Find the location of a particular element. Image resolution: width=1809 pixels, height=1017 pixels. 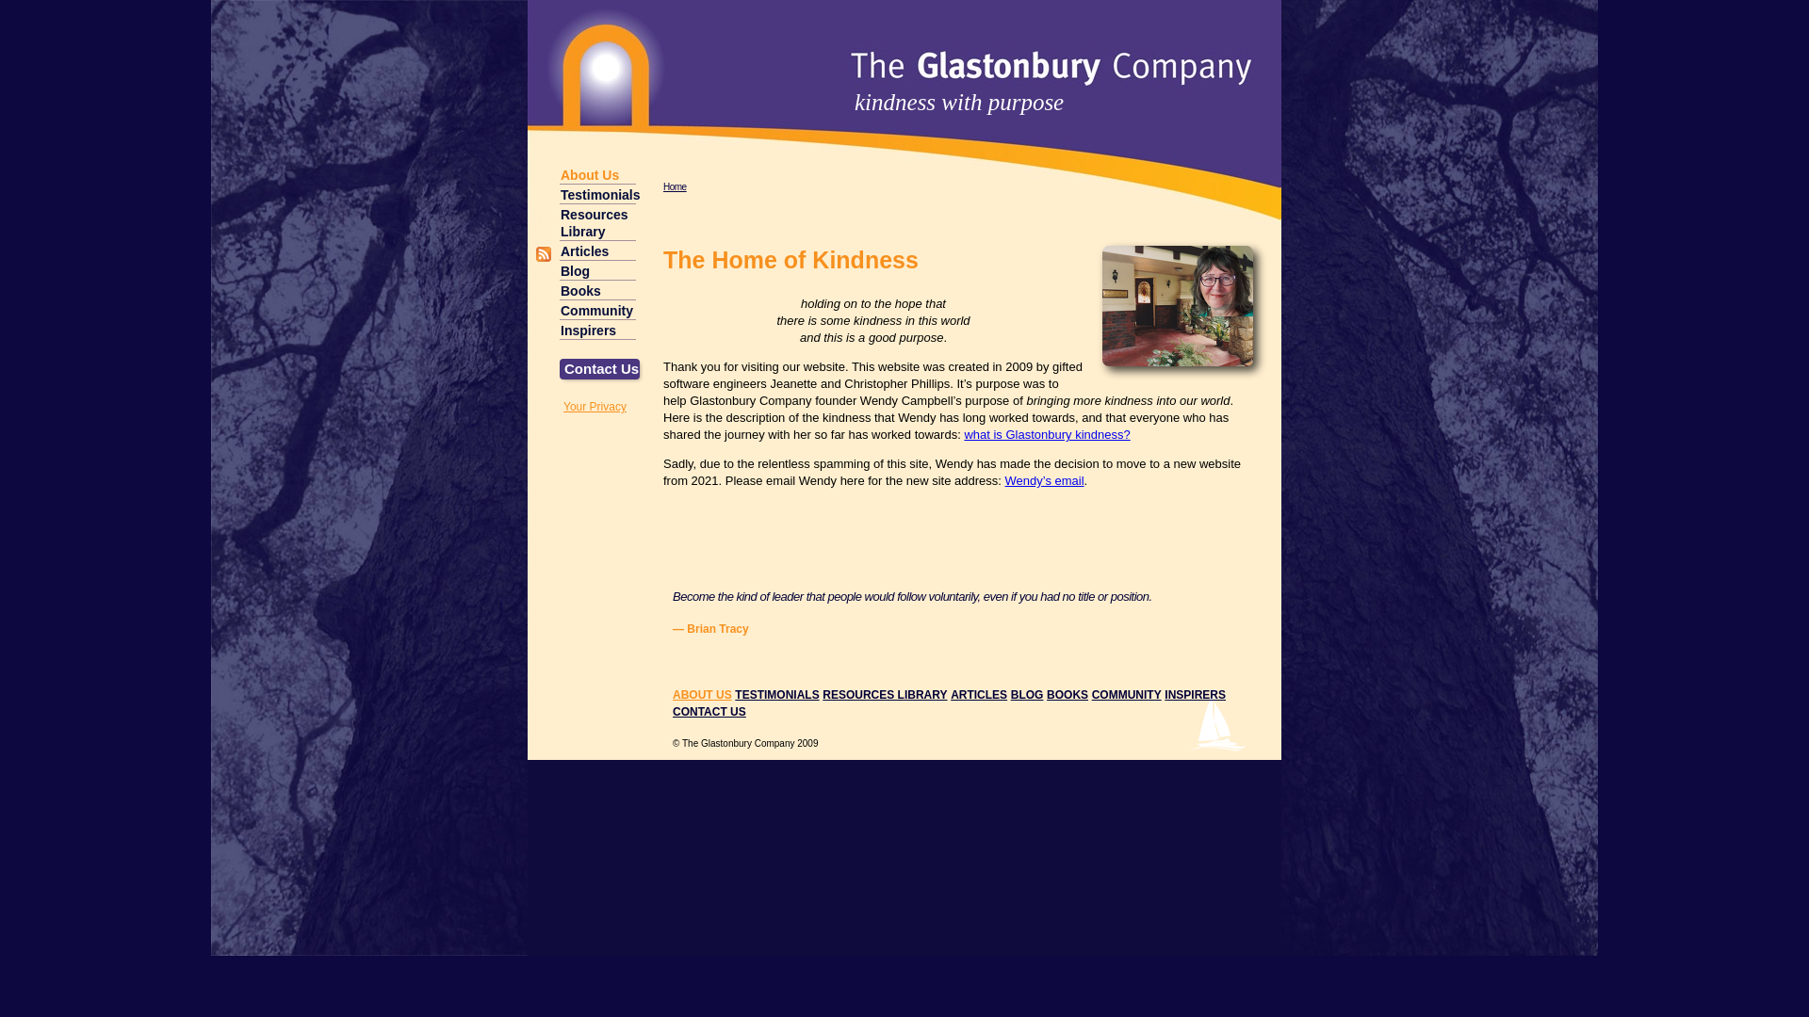

'Inspirers' is located at coordinates (596, 329).